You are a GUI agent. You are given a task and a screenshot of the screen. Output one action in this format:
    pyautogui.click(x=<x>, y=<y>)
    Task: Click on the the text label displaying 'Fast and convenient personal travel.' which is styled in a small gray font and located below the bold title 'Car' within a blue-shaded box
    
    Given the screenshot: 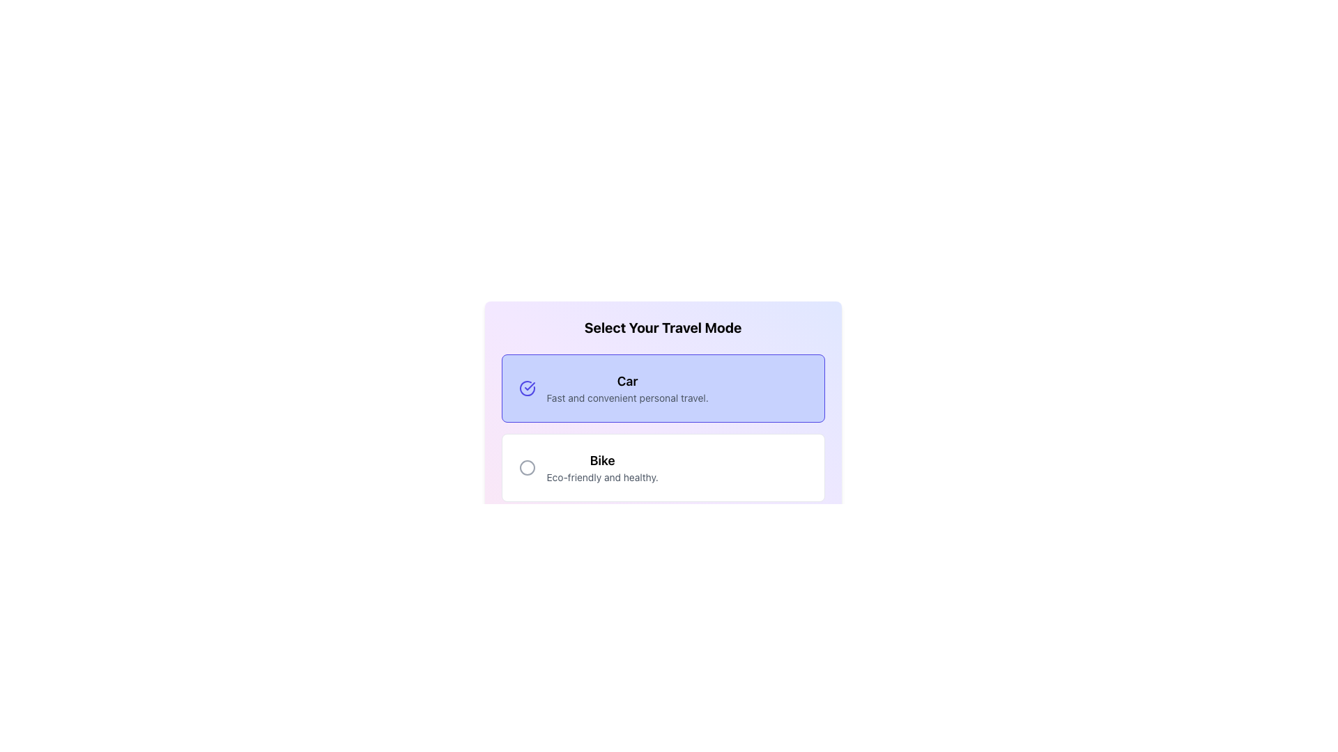 What is the action you would take?
    pyautogui.click(x=626, y=398)
    